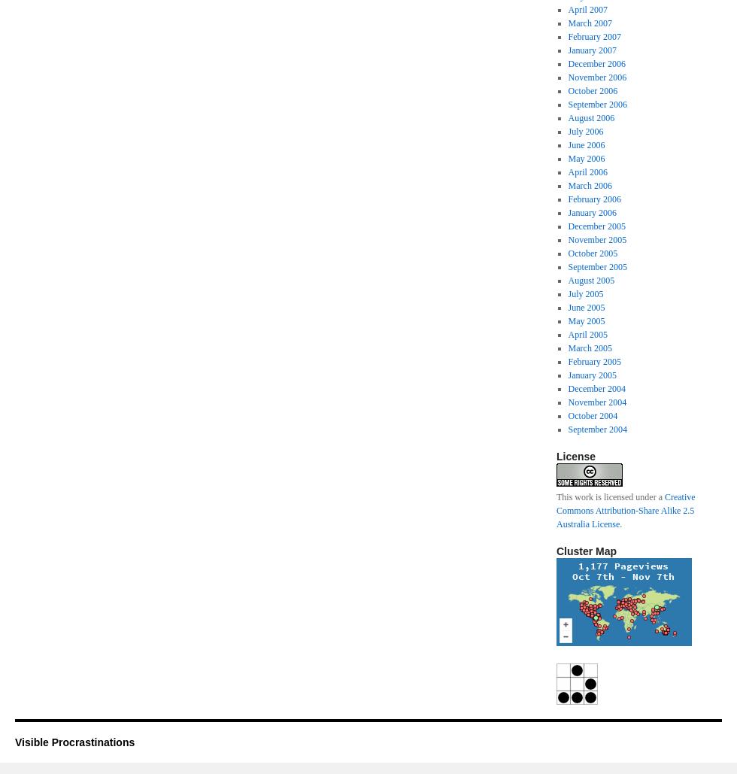 This screenshot has width=737, height=774. What do you see at coordinates (567, 159) in the screenshot?
I see `'May 2006'` at bounding box center [567, 159].